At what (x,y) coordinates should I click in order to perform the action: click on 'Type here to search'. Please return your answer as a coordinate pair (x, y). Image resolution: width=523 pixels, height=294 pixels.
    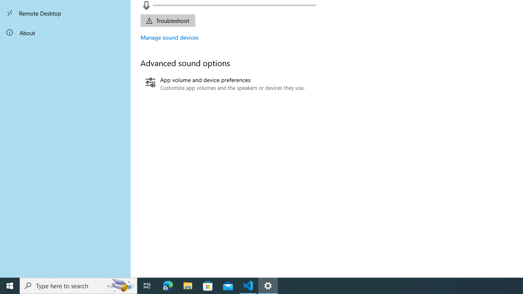
    Looking at the image, I should click on (78, 285).